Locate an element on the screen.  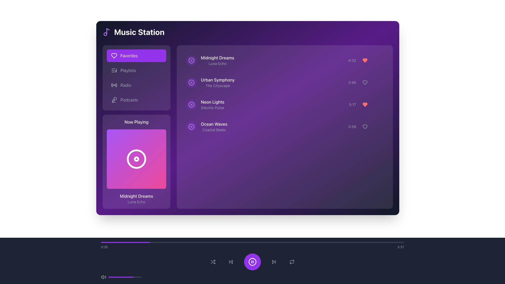
the second music track in the 'Music Station' section is located at coordinates (285, 82).